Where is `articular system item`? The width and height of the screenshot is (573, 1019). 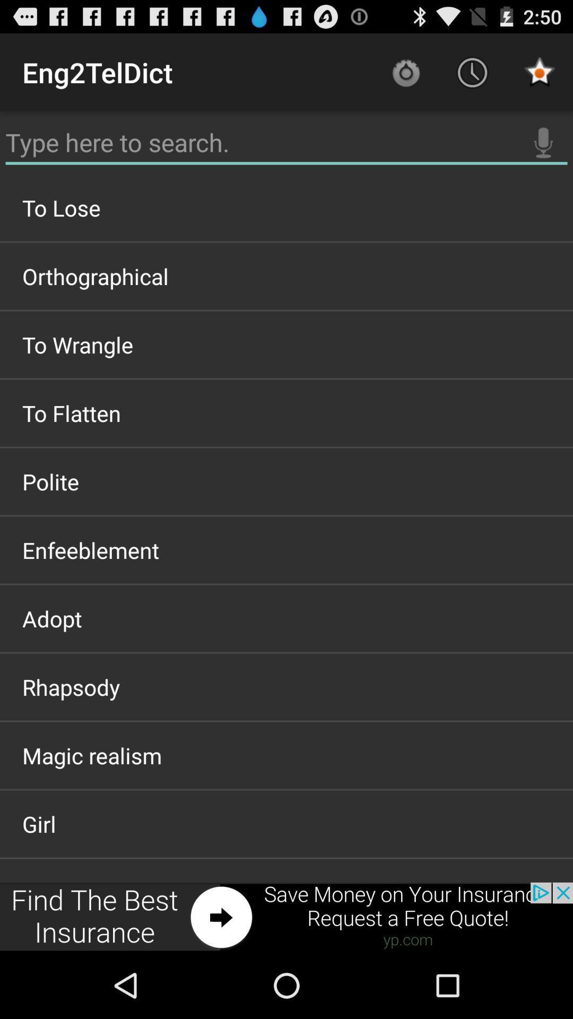 articular system item is located at coordinates (286, 939).